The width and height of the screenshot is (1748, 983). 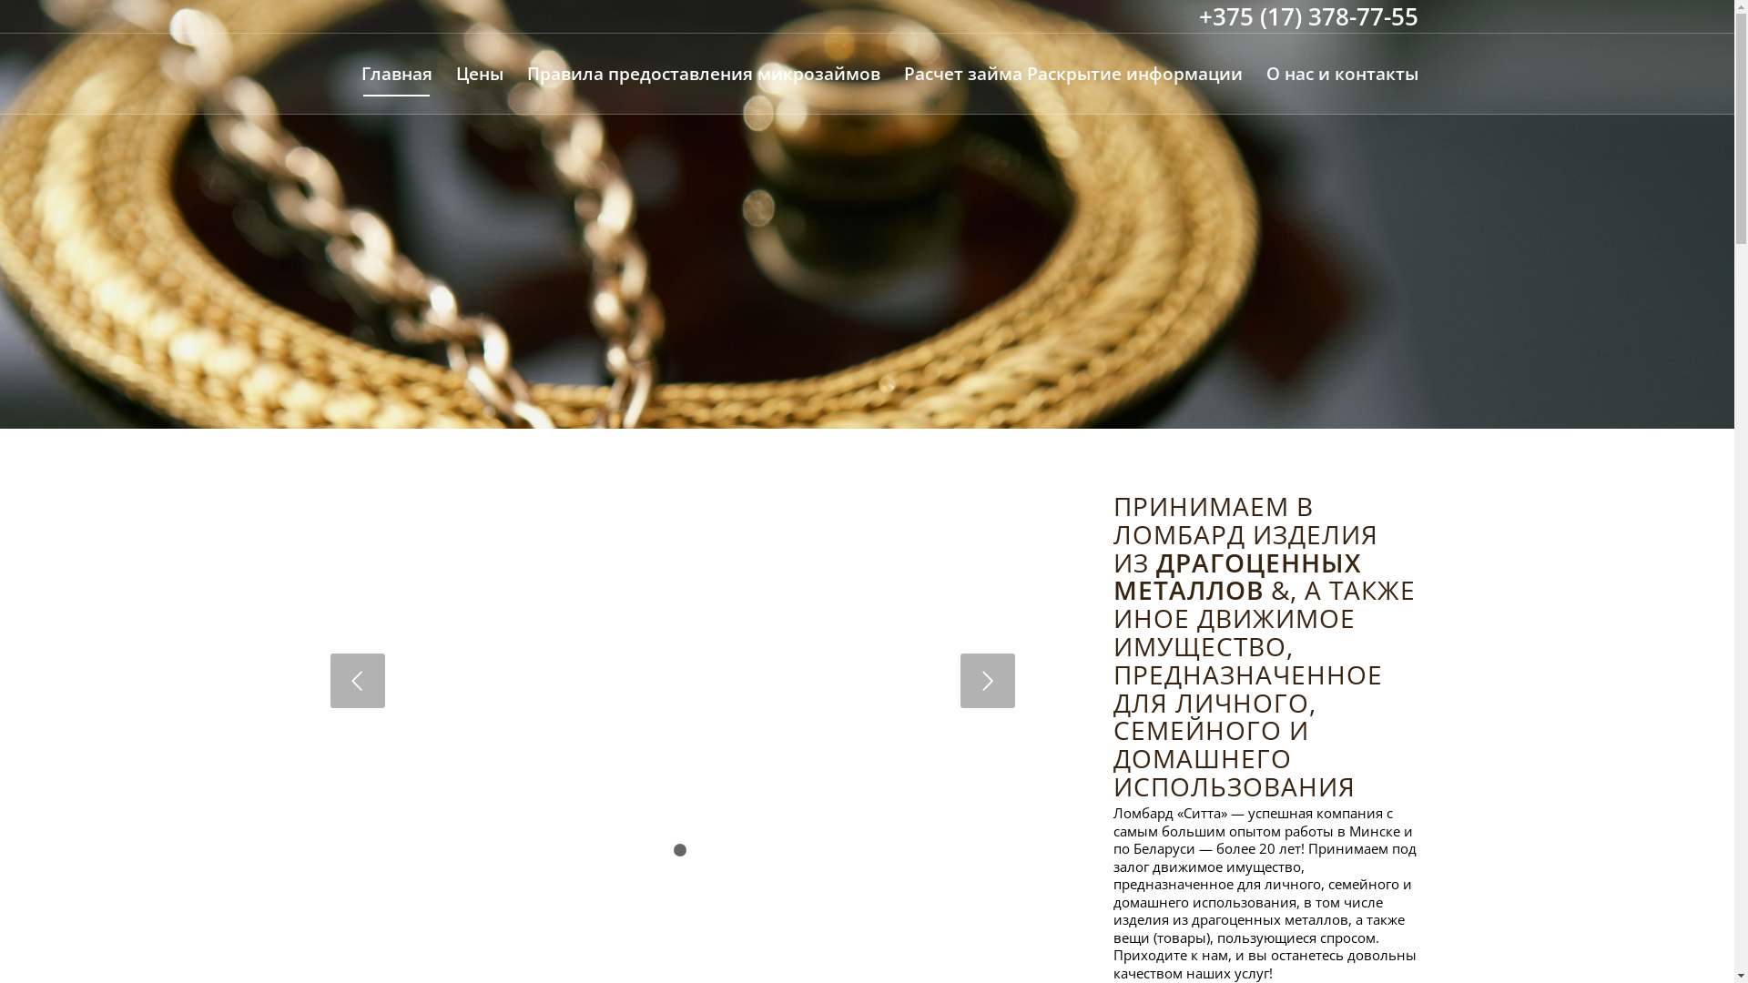 I want to click on '1', so click(x=664, y=849).